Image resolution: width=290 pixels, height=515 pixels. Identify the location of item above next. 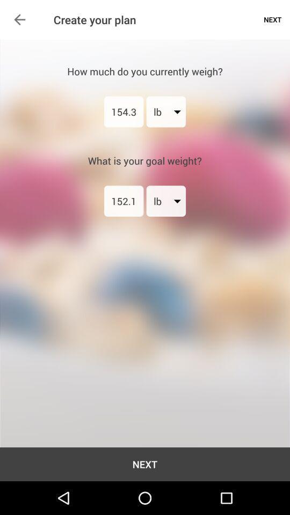
(19, 19).